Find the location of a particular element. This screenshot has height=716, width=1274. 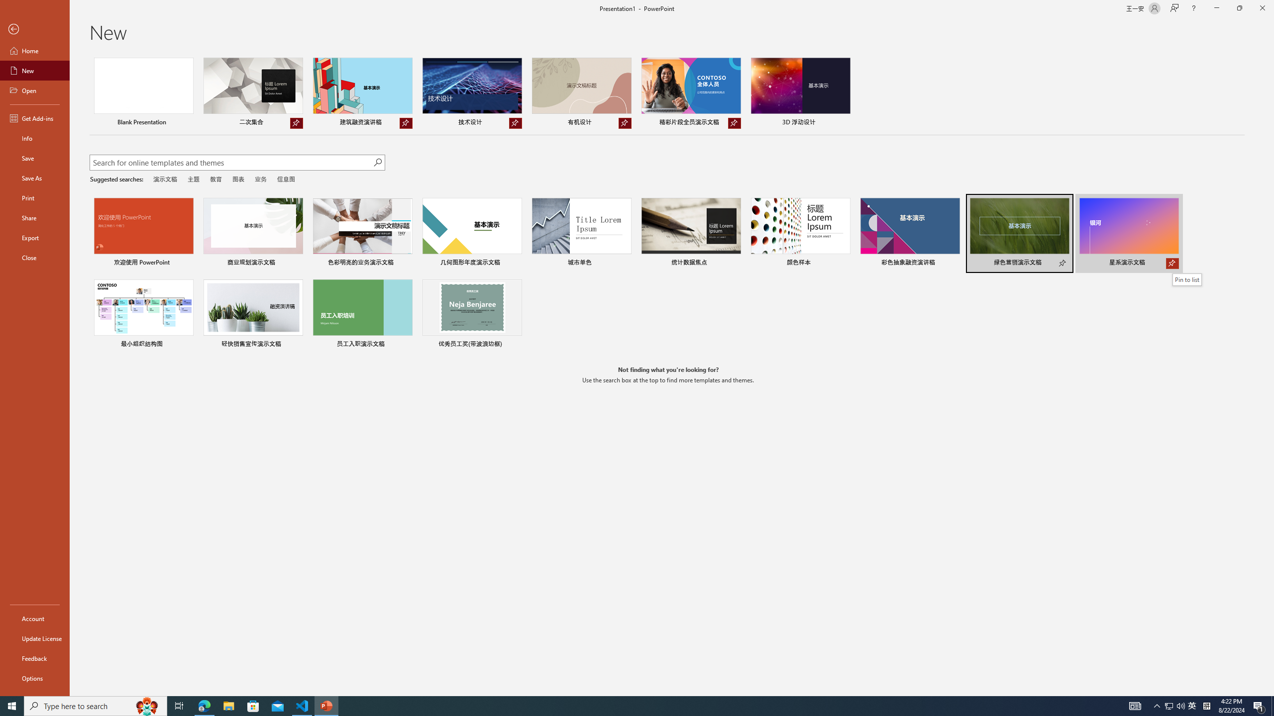

'New' is located at coordinates (34, 70).